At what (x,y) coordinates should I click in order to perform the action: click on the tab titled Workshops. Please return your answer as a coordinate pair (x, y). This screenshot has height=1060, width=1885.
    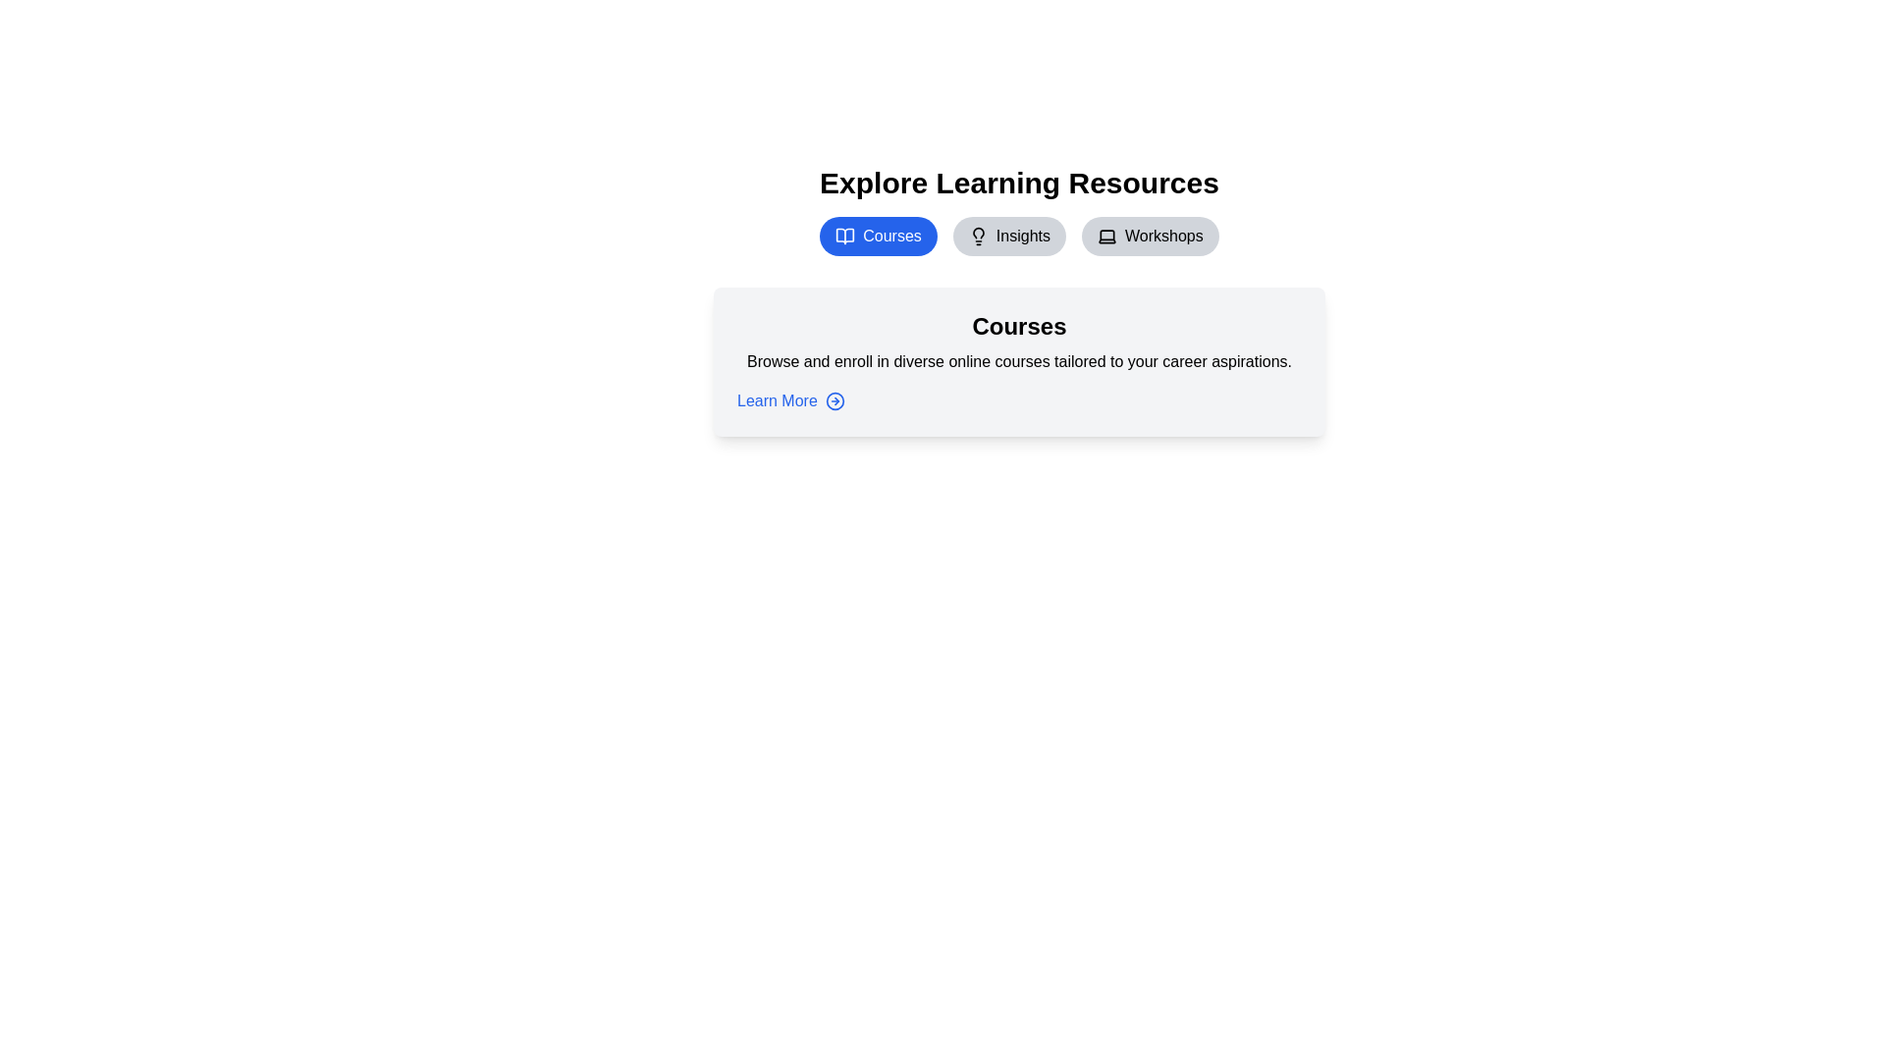
    Looking at the image, I should click on (1150, 235).